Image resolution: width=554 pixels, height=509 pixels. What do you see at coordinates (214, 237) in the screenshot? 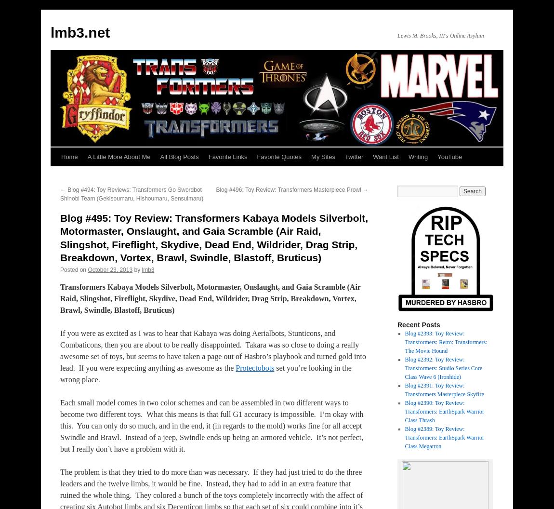
I see `'Blog #495: Toy Review: Transformers Kabaya Models Silverbolt, Motormaster, Onslaught, and Gaia Scramble (Air Raid, Slingshot, Fireflight, Skydive, Dead End, Wildrider, Drag Strip, Breakdown, Vortex, Brawl, Swindle, Blastoff, Bruticus)'` at bounding box center [214, 237].